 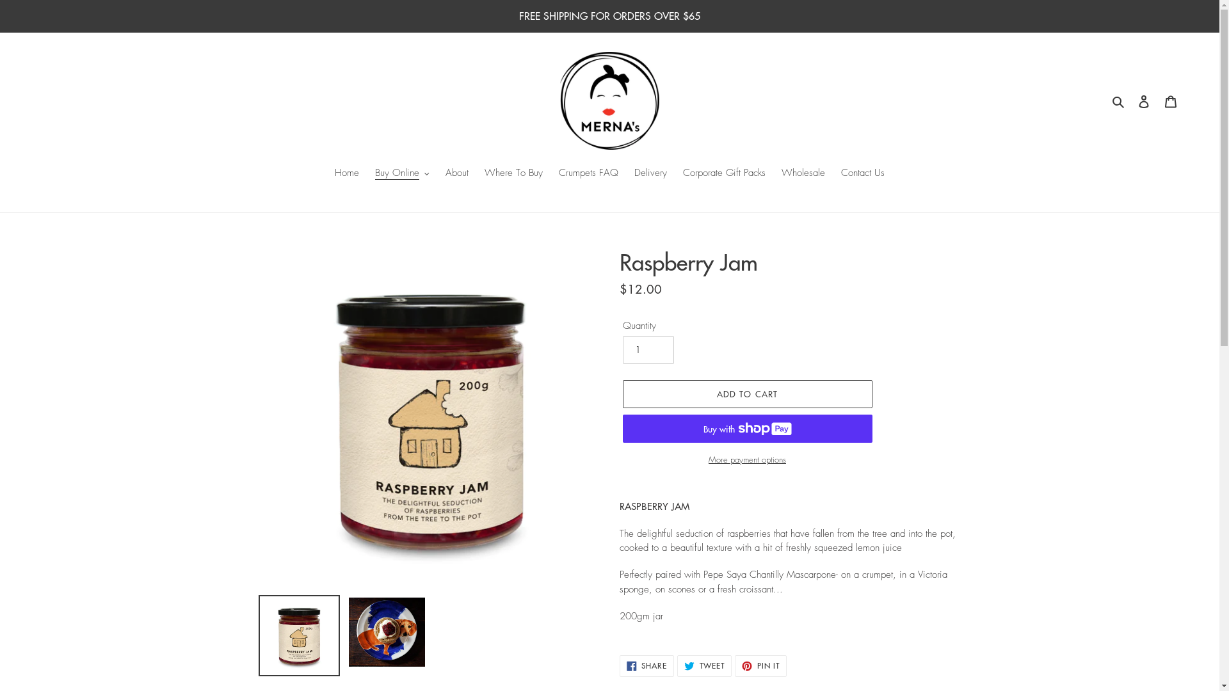 I want to click on 'Where To Buy', so click(x=478, y=174).